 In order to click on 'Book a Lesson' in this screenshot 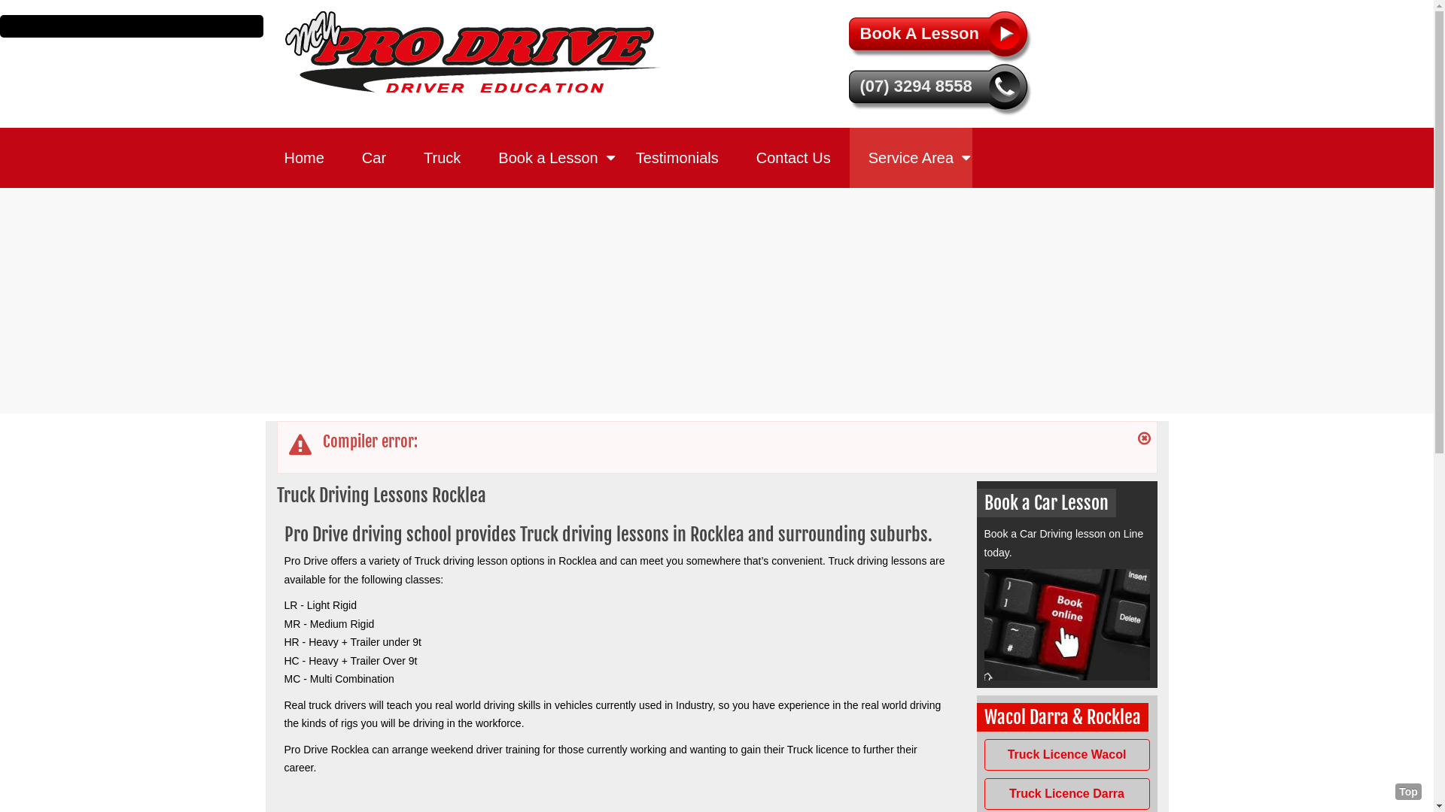, I will do `click(547, 157)`.